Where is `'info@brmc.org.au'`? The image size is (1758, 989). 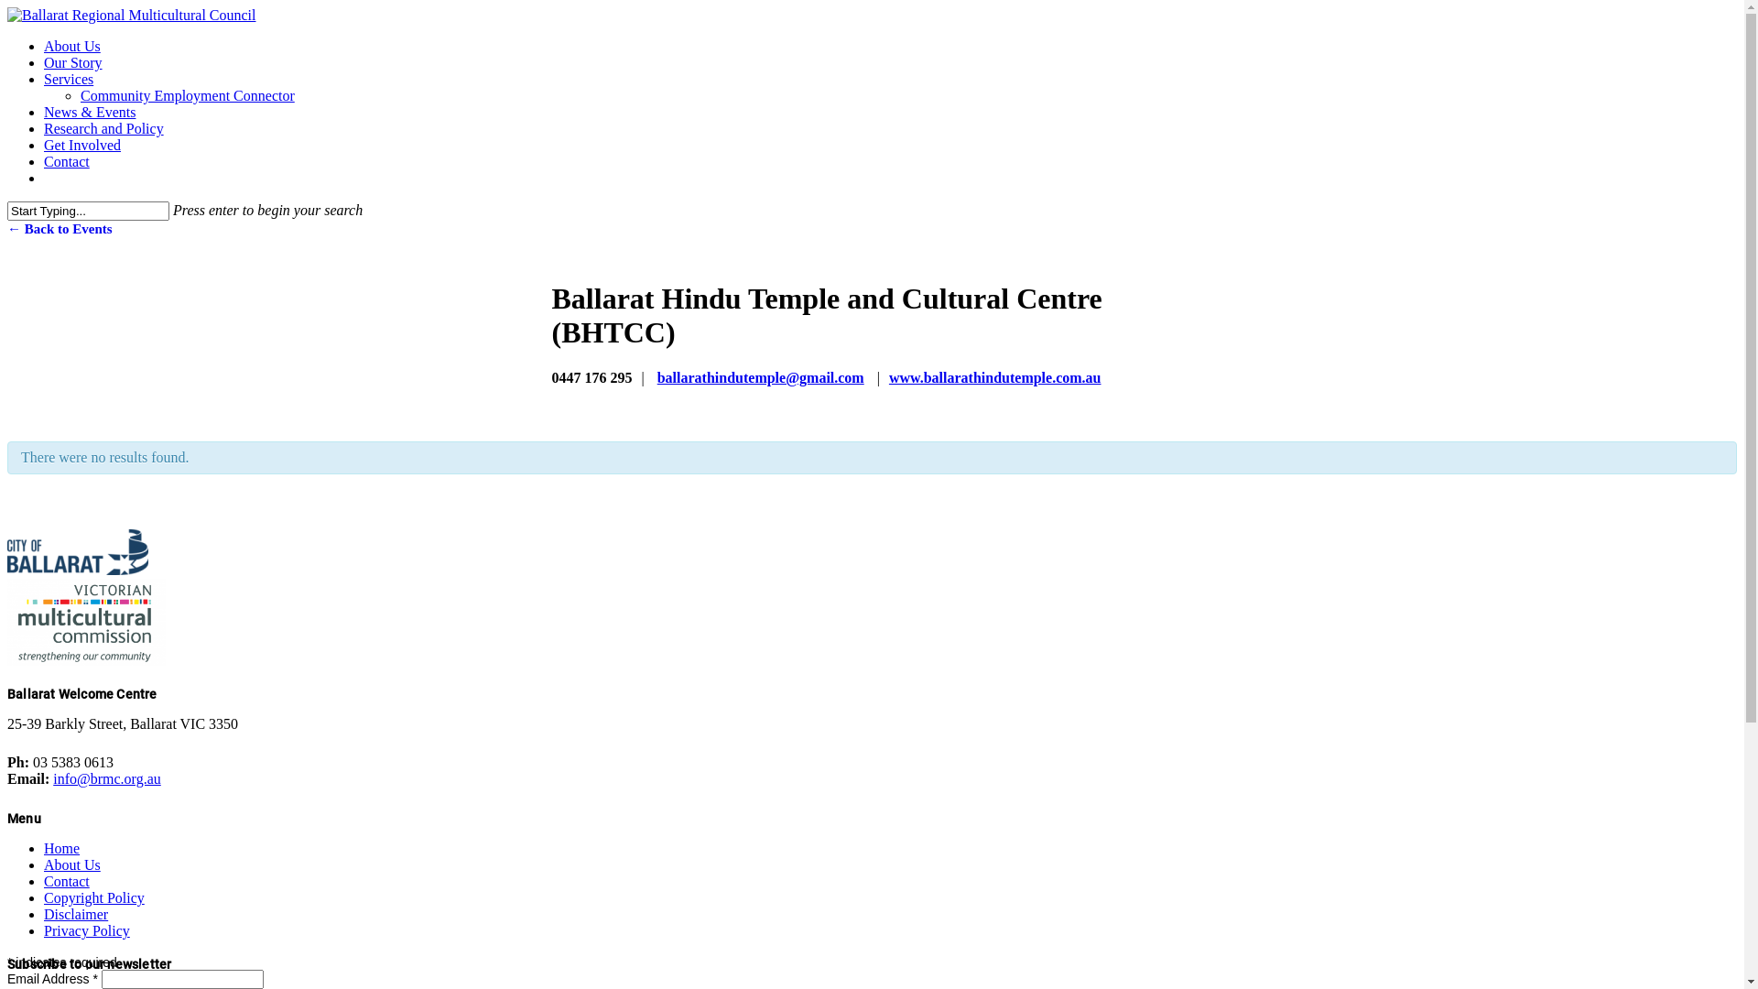
'info@brmc.org.au' is located at coordinates (105, 778).